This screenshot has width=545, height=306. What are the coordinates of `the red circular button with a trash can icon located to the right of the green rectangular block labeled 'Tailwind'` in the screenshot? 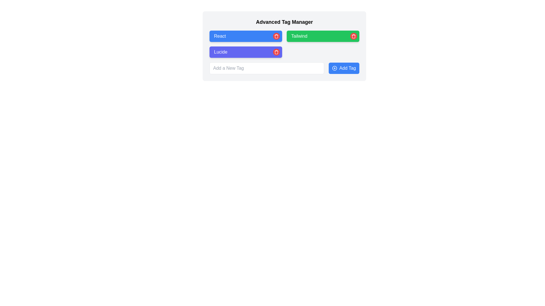 It's located at (353, 36).